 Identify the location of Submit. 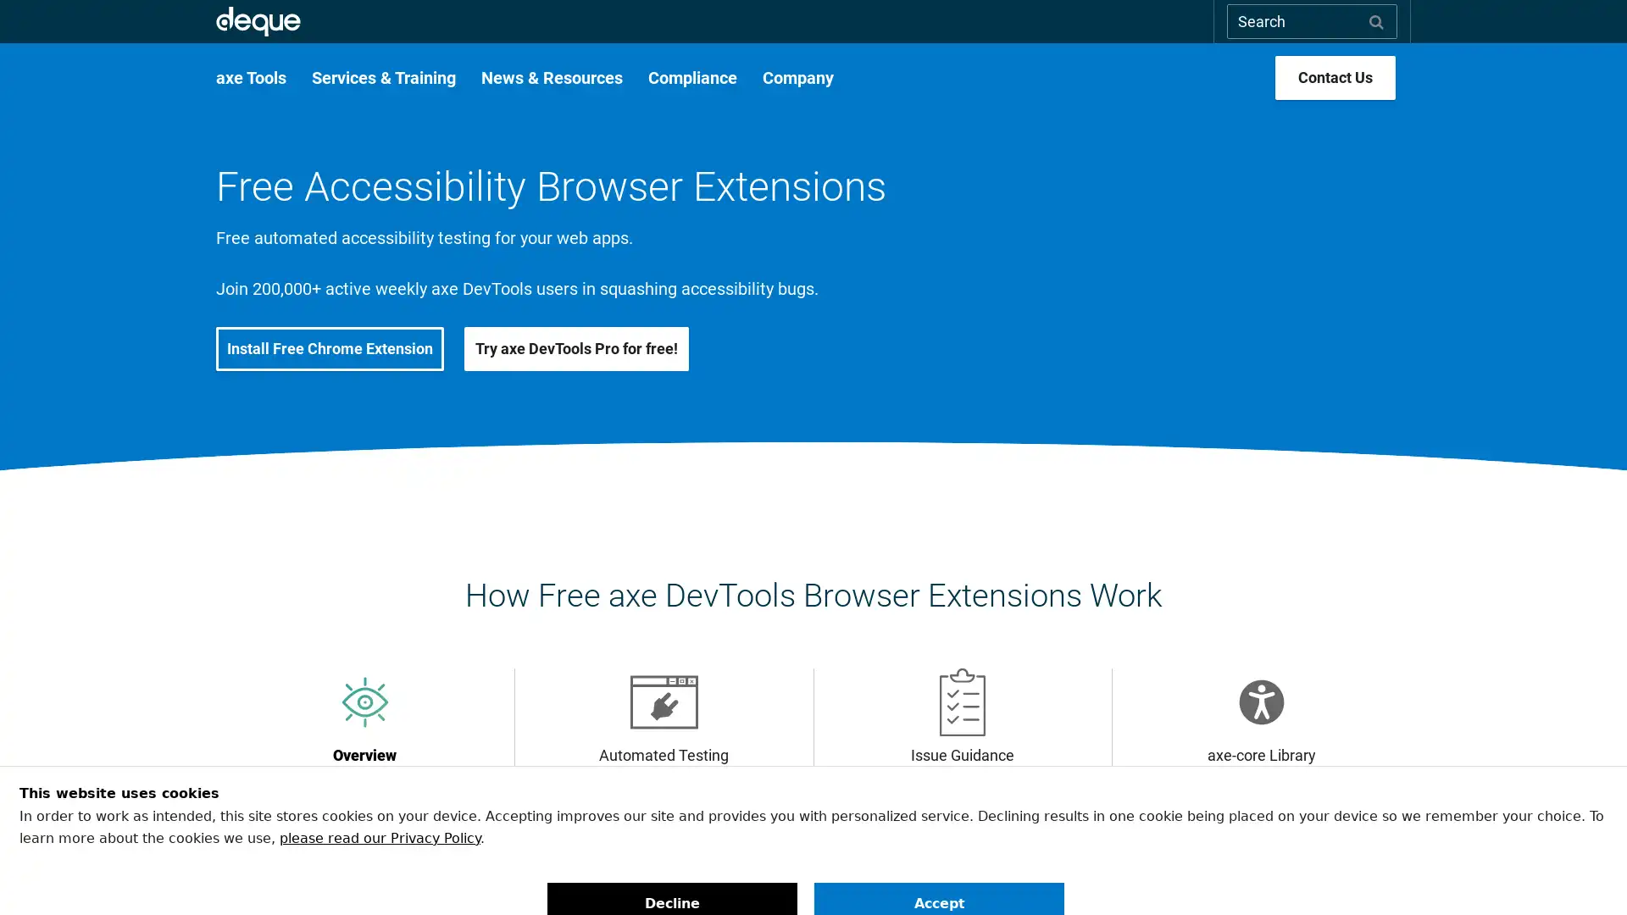
(1376, 20).